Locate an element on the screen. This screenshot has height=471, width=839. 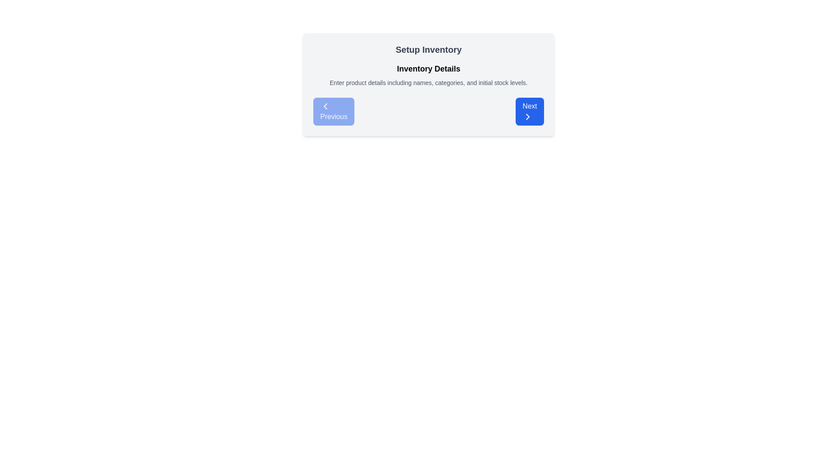
the informational text that instructs to 'Enter product details including names, categories, and initial stock levels.' located under the heading 'Inventory Details' is located at coordinates (428, 82).